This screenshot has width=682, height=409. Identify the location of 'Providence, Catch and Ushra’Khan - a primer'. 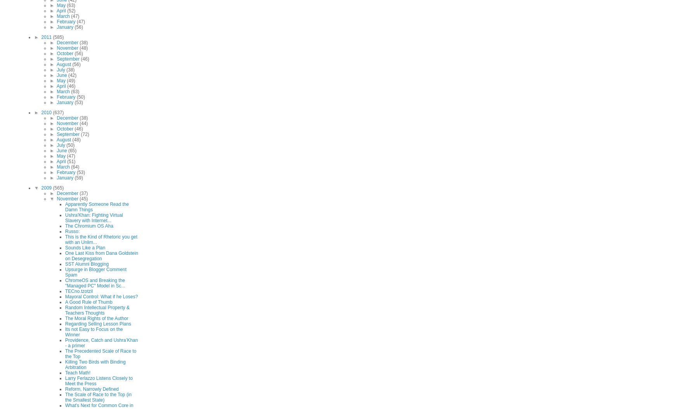
(101, 343).